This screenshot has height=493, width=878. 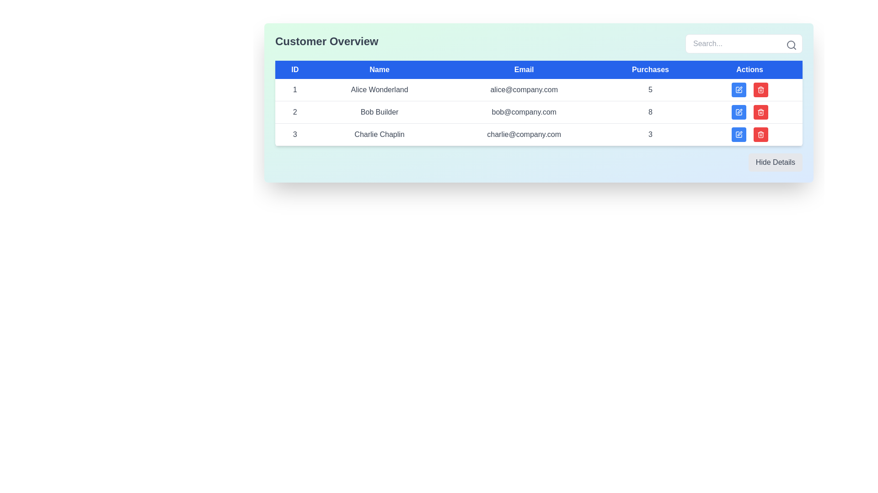 What do you see at coordinates (760, 89) in the screenshot?
I see `the delete button in the 'Actions' column for the row containing Bob Builder's information to observe any visual changes like color darkening` at bounding box center [760, 89].